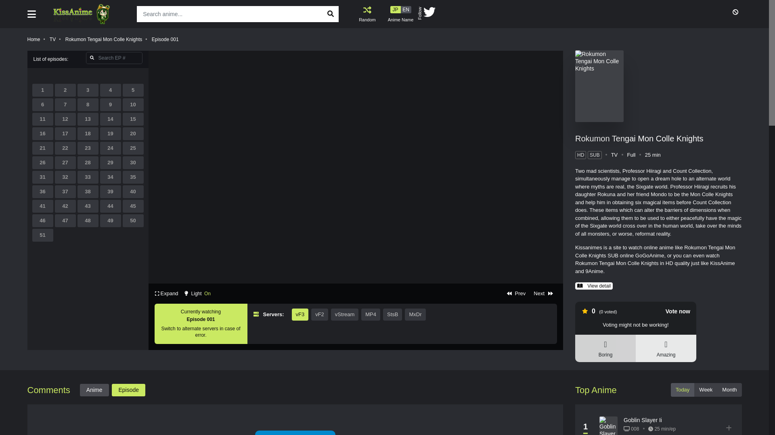 The height and width of the screenshot is (435, 775). I want to click on '44', so click(110, 206).